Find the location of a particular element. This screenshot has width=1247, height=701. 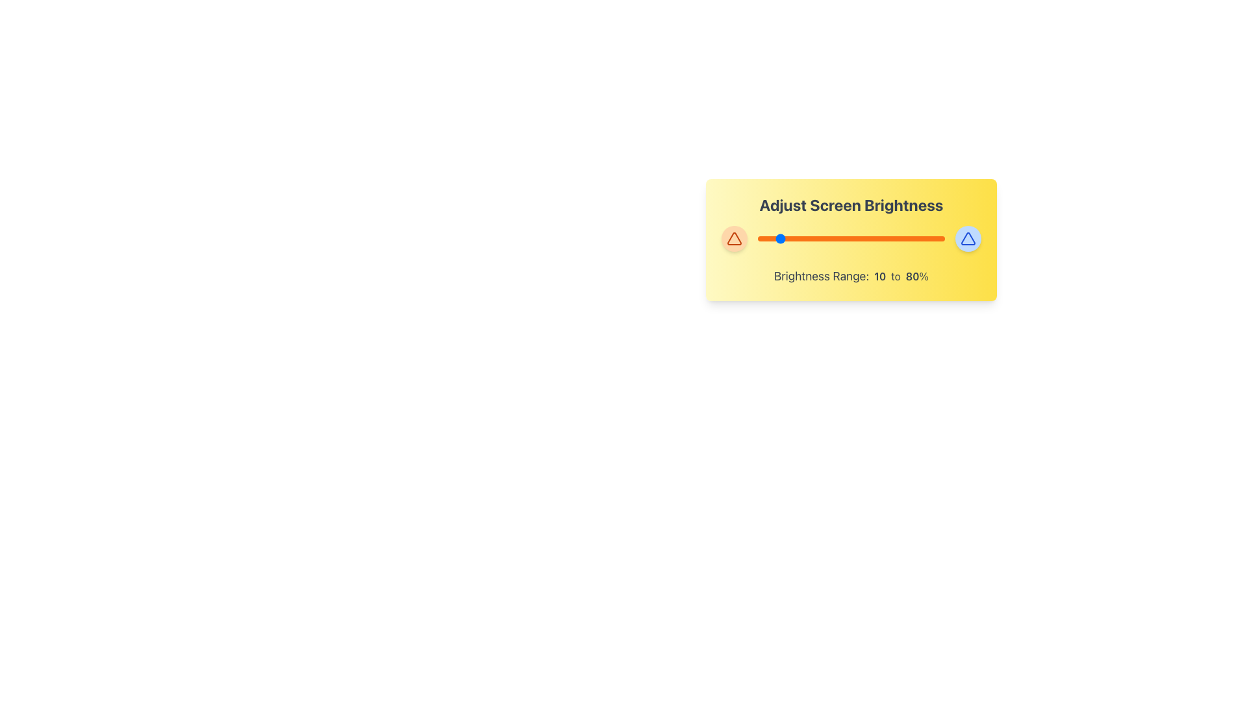

the brightness level is located at coordinates (928, 238).